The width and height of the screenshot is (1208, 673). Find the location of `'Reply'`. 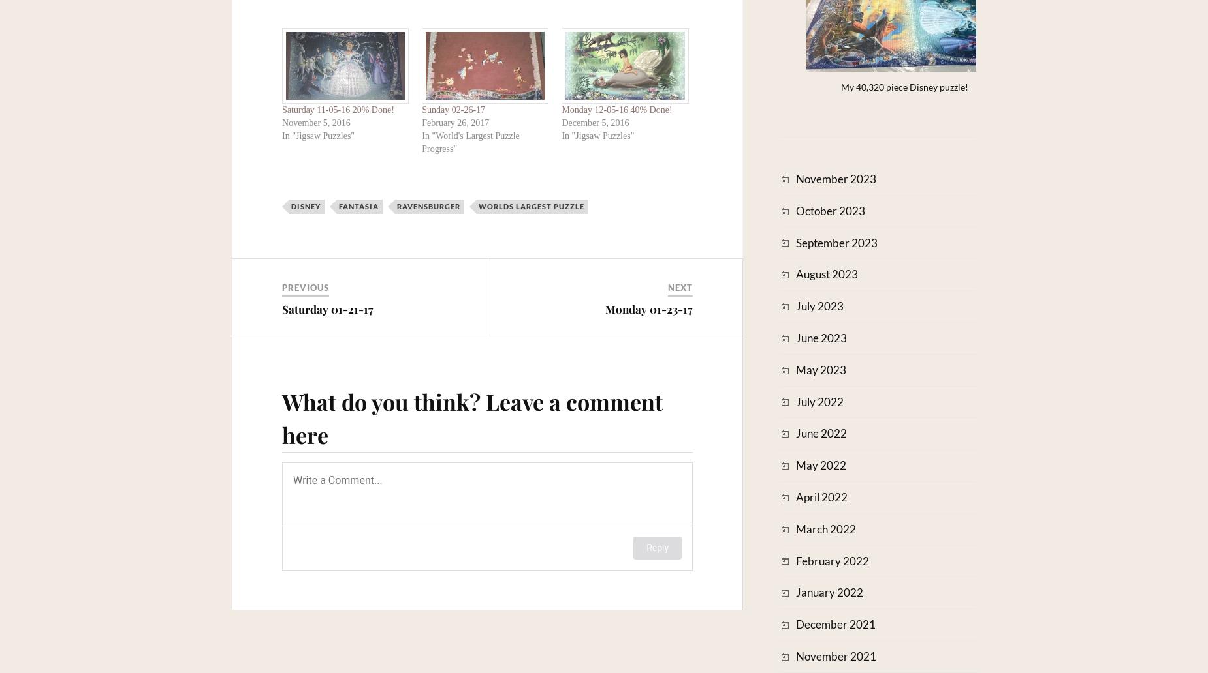

'Reply' is located at coordinates (656, 548).